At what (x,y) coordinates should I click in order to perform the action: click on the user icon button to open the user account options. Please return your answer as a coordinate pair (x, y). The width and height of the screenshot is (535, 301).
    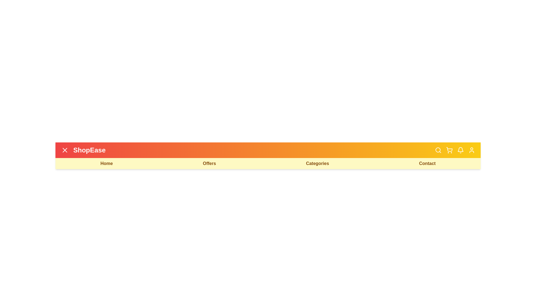
    Looking at the image, I should click on (471, 150).